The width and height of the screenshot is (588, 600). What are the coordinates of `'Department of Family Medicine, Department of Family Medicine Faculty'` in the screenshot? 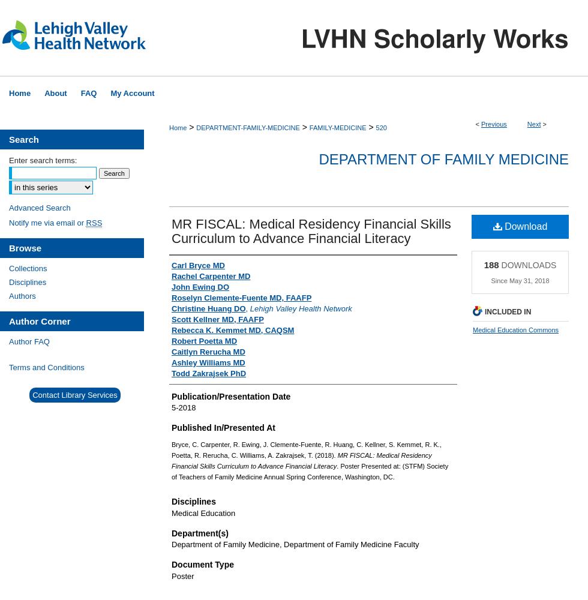 It's located at (171, 544).